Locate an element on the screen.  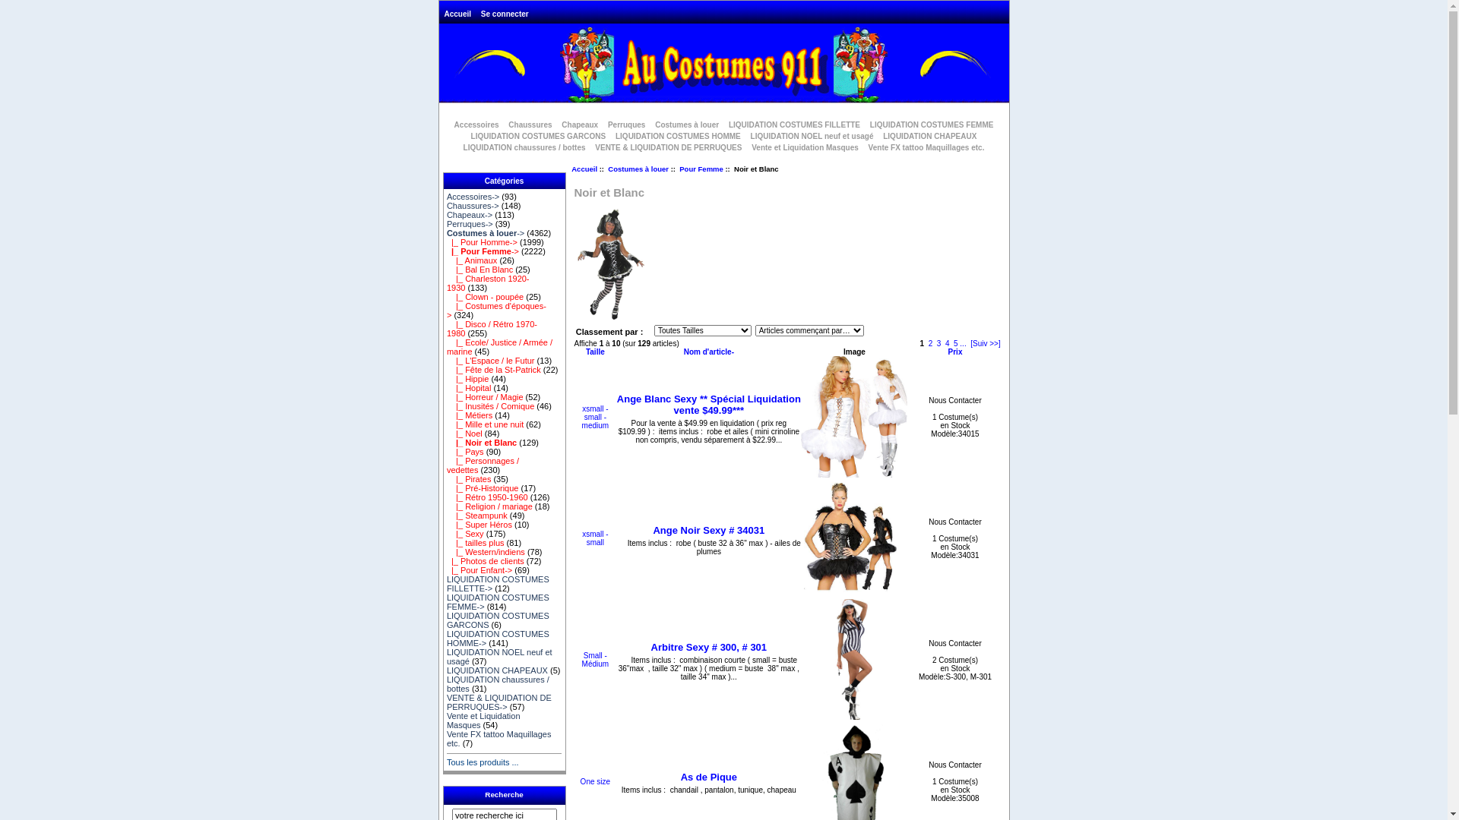
'    |_ Charleston 1920-1930' is located at coordinates (446, 283).